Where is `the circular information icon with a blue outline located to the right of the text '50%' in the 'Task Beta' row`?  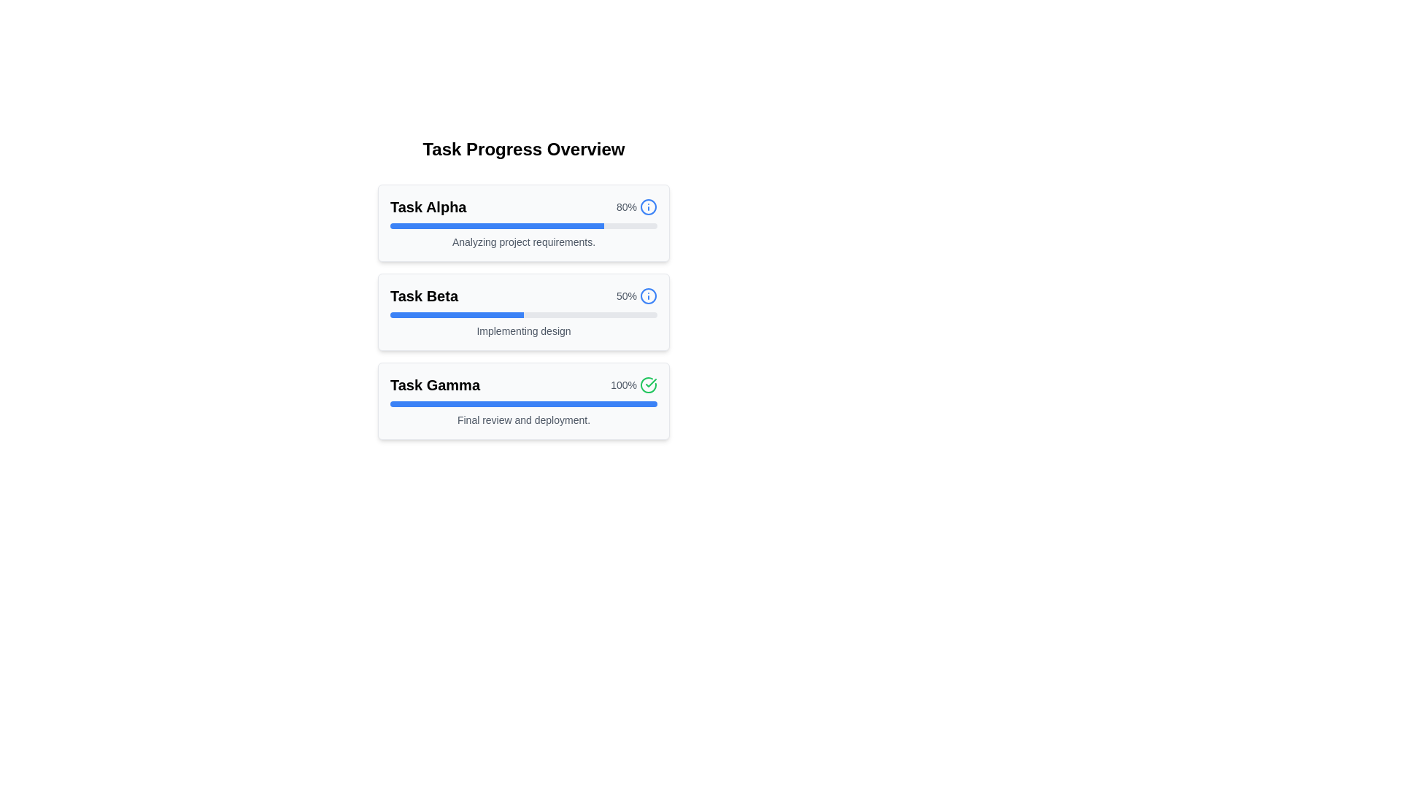 the circular information icon with a blue outline located to the right of the text '50%' in the 'Task Beta' row is located at coordinates (647, 295).